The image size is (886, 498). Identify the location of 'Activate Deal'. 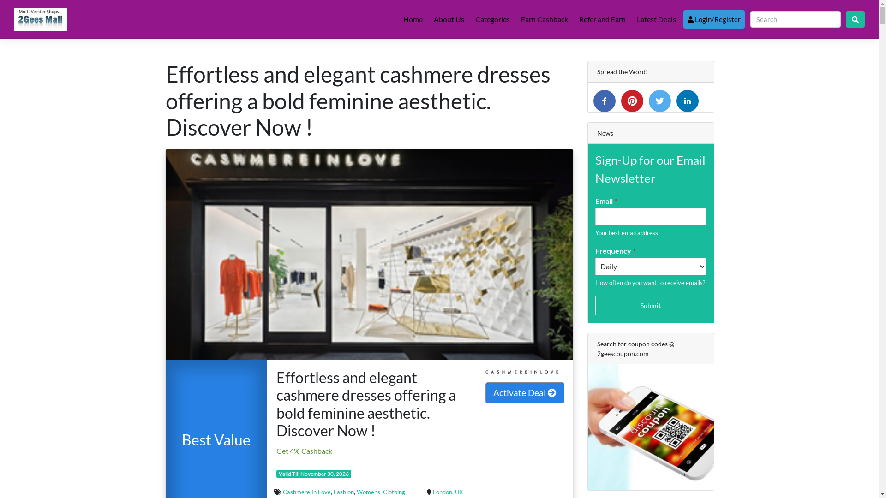
(525, 393).